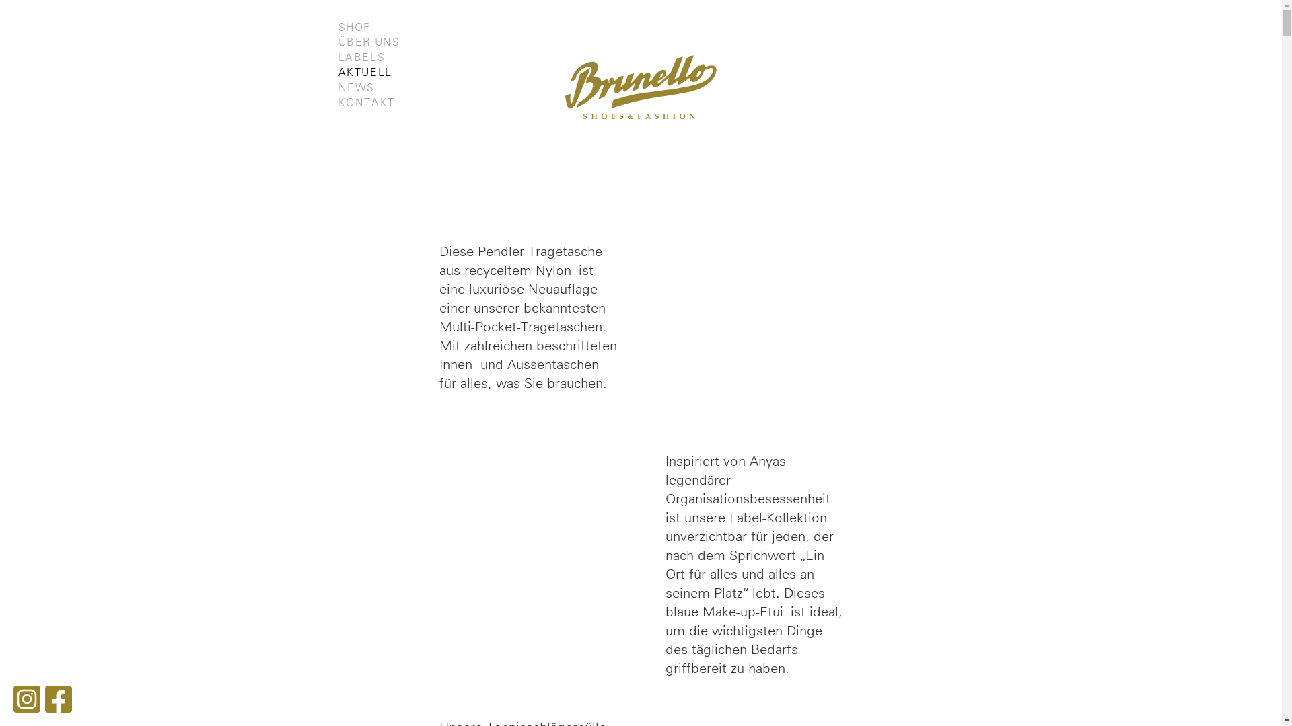 The width and height of the screenshot is (1292, 726). Describe the element at coordinates (354, 28) in the screenshot. I see `'SHOP'` at that location.